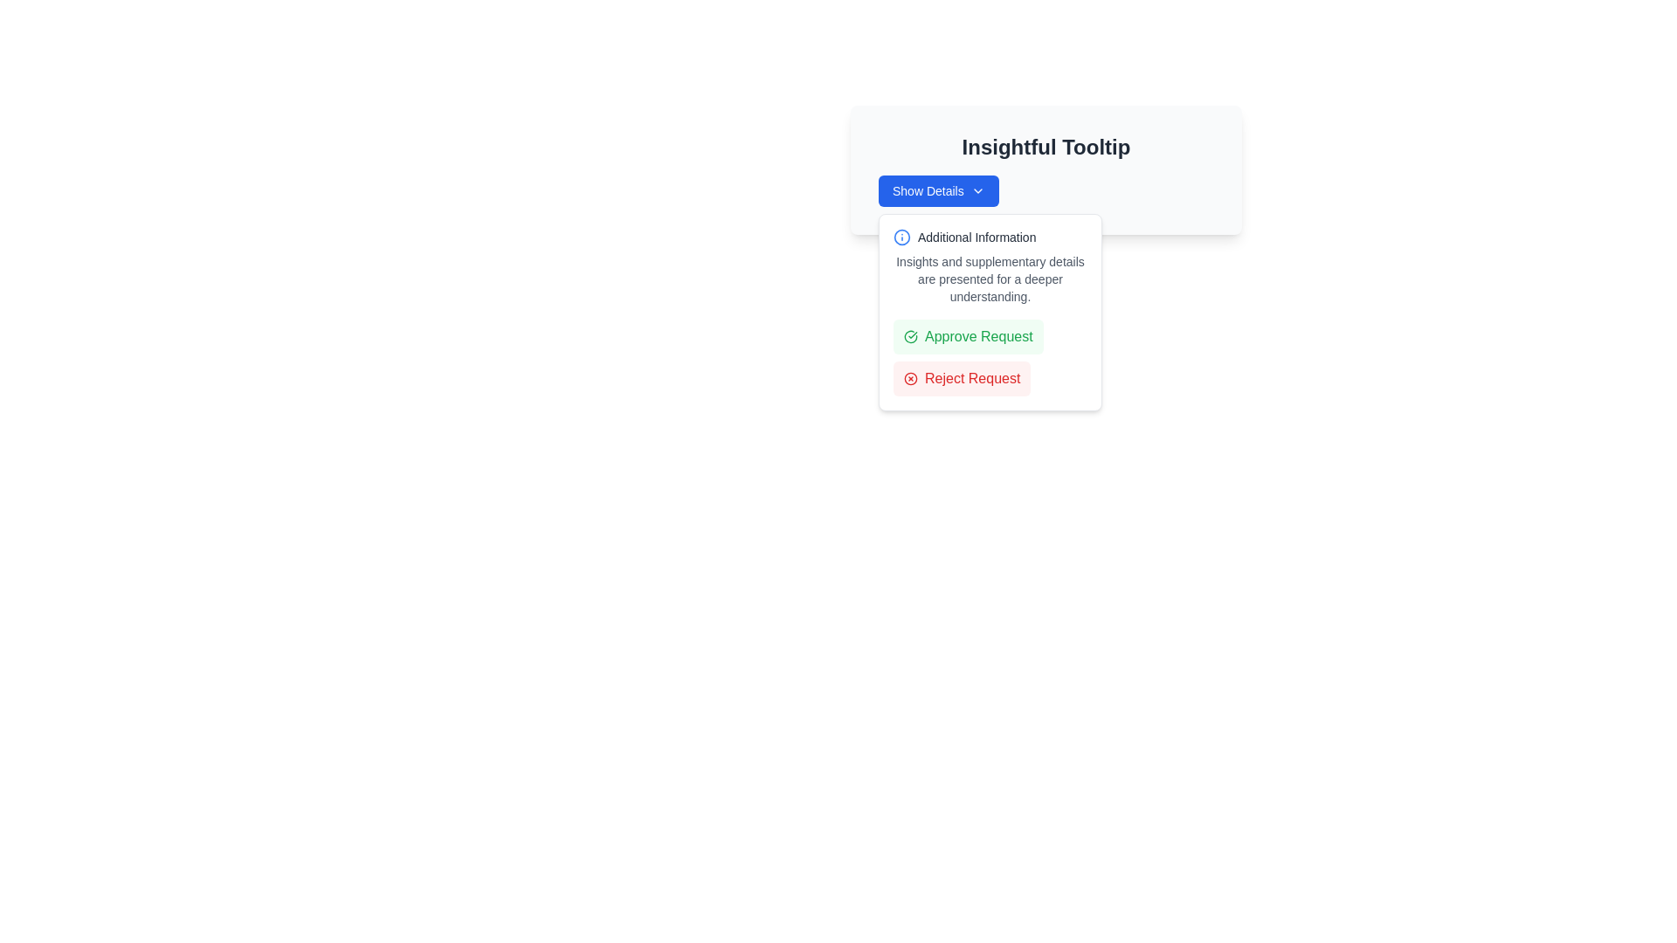 Image resolution: width=1677 pixels, height=943 pixels. Describe the element at coordinates (901, 237) in the screenshot. I see `the information icon located at the top left corner of the 'Additional Information' content box` at that location.